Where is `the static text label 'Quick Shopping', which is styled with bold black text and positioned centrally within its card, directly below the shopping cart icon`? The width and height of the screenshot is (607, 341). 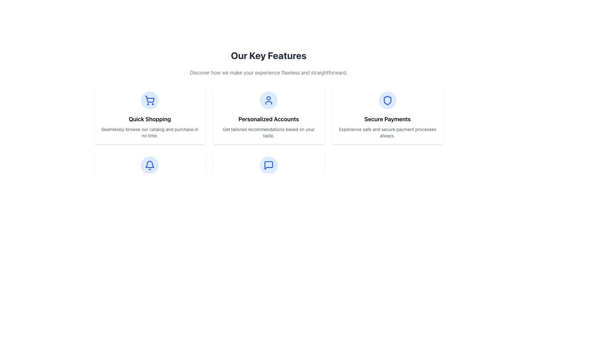 the static text label 'Quick Shopping', which is styled with bold black text and positioned centrally within its card, directly below the shopping cart icon is located at coordinates (150, 119).